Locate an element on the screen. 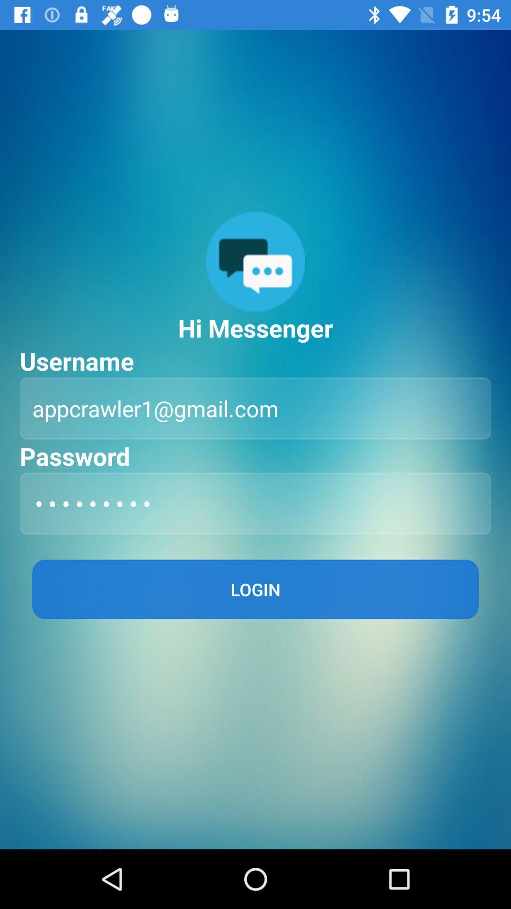 This screenshot has height=909, width=511. crowd3116 is located at coordinates (255, 503).